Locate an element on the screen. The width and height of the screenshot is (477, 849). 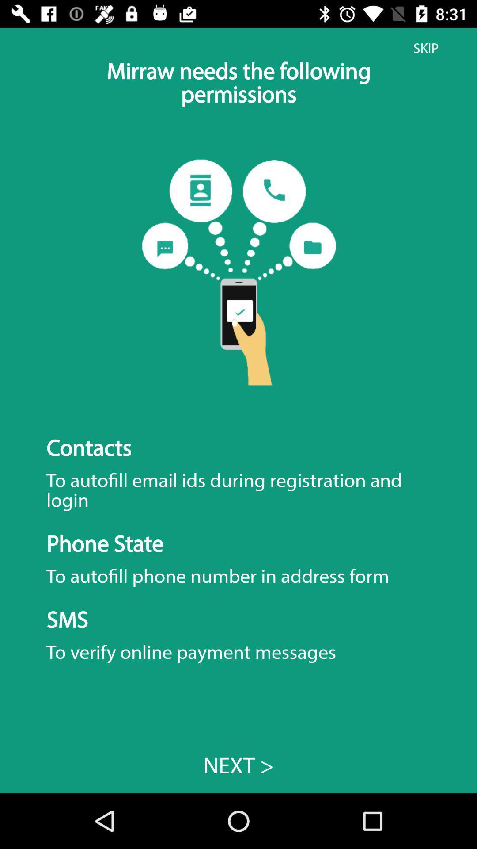
the skip item is located at coordinates (425, 48).